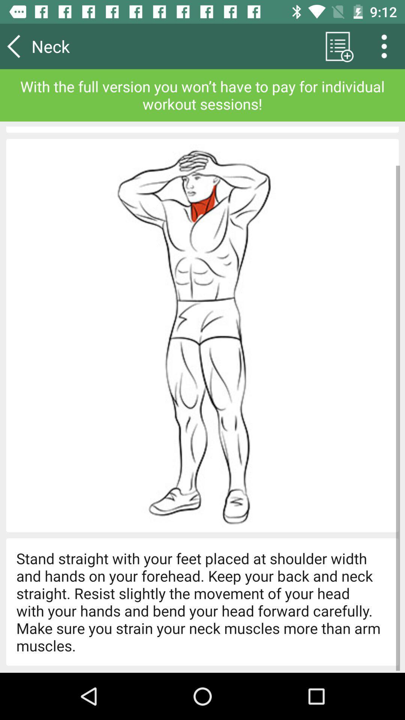  What do you see at coordinates (337, 46) in the screenshot?
I see `the list icon` at bounding box center [337, 46].